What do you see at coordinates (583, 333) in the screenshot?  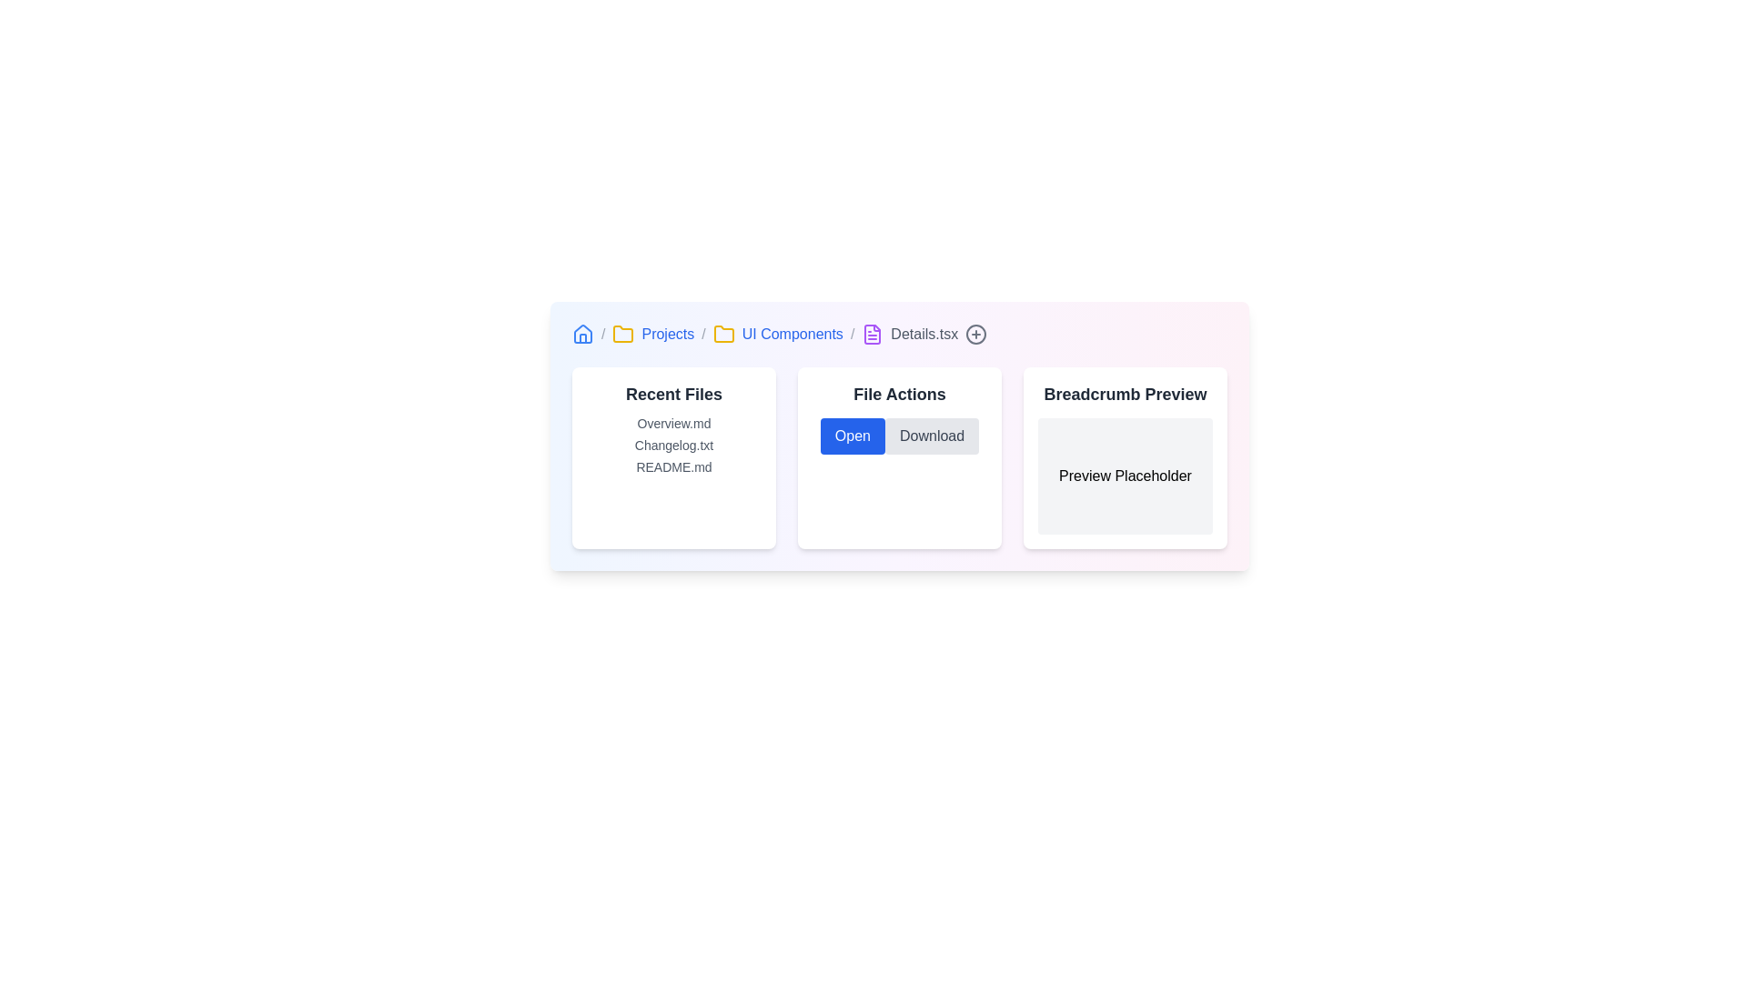 I see `the blue house icon button located at the beginning of the breadcrumb navigation bar` at bounding box center [583, 333].